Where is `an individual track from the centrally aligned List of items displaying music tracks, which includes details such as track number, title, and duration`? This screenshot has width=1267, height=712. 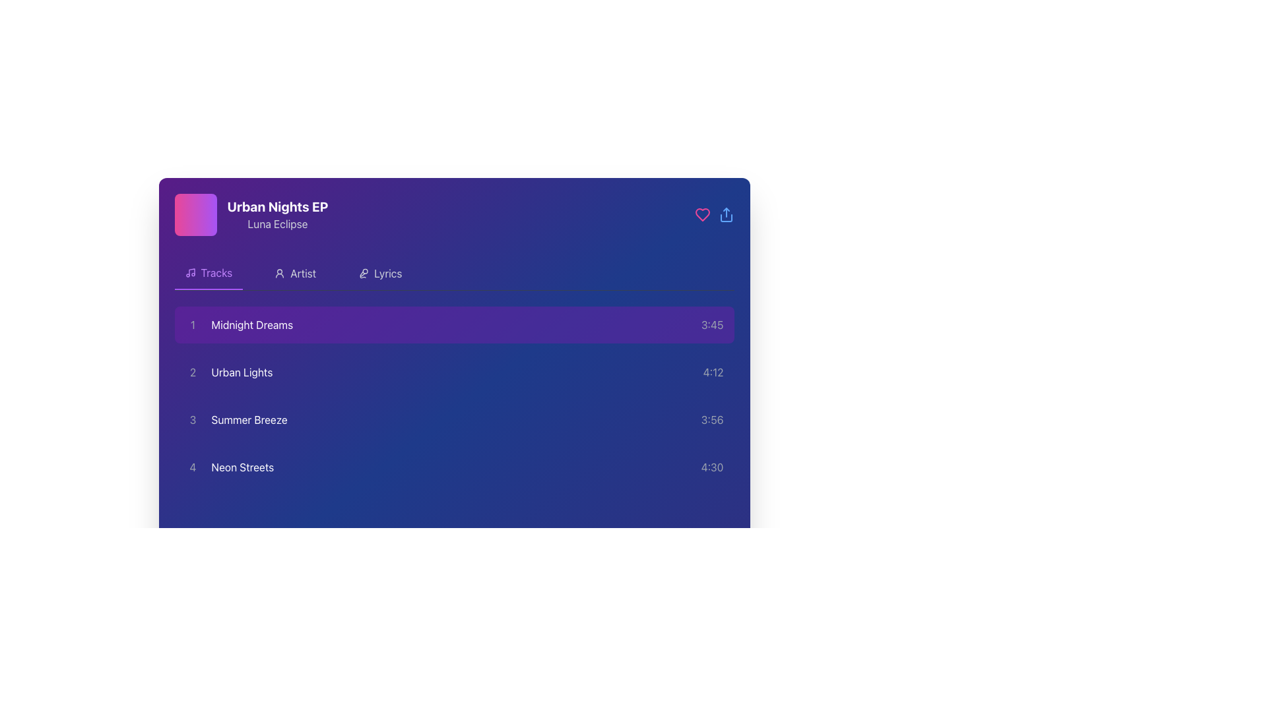 an individual track from the centrally aligned List of items displaying music tracks, which includes details such as track number, title, and duration is located at coordinates (454, 396).